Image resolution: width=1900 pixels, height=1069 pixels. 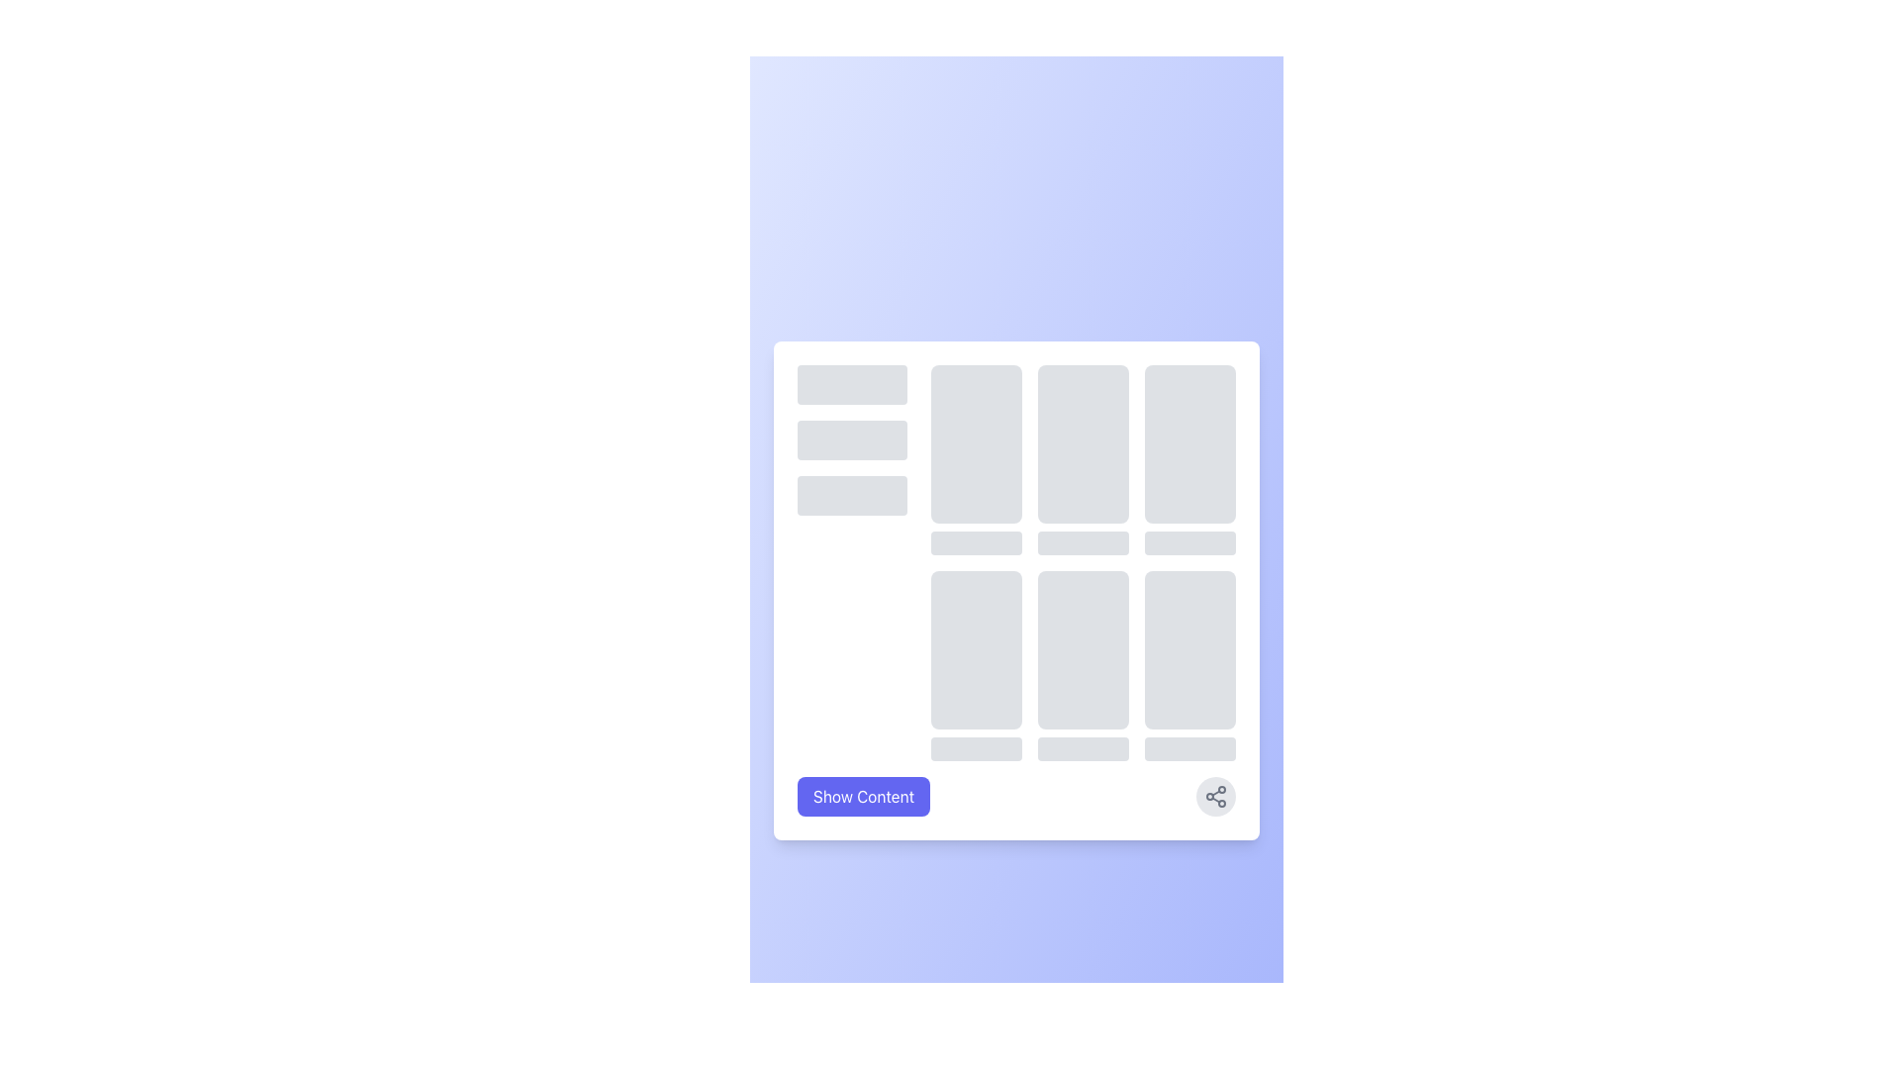 I want to click on the share icon located in the bottom right corner of the interface, so click(x=1214, y=796).